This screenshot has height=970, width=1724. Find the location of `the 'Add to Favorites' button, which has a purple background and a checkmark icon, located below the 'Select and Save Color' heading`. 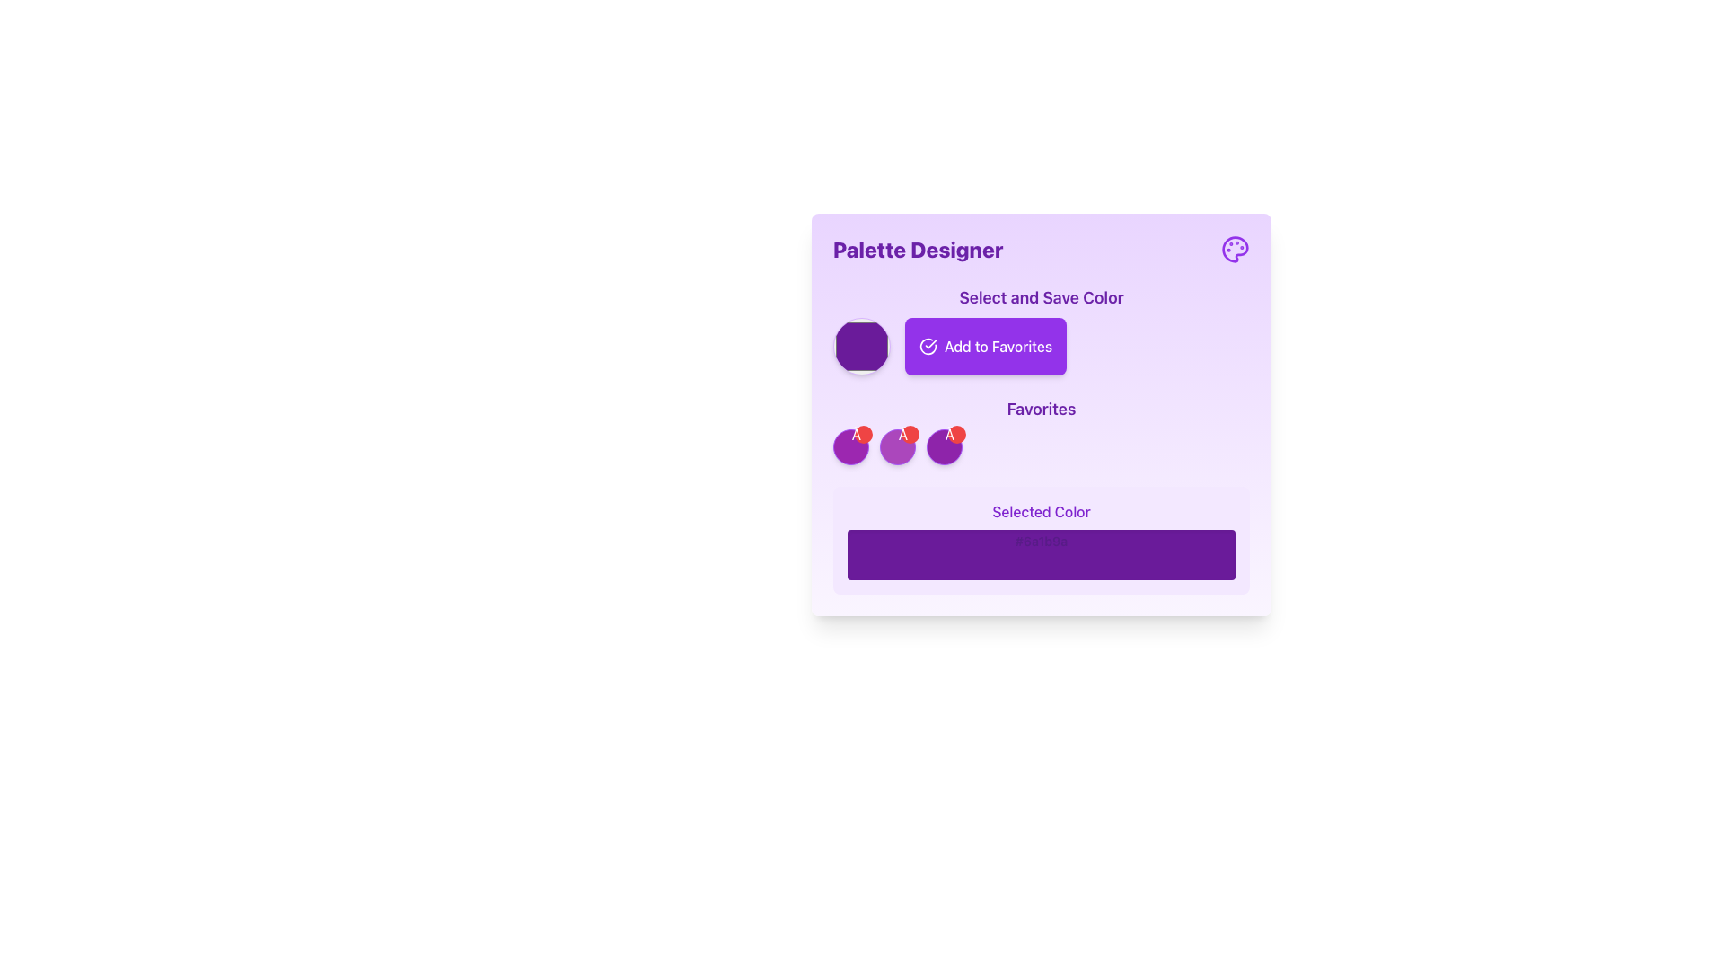

the 'Add to Favorites' button, which has a purple background and a checkmark icon, located below the 'Select and Save Color' heading is located at coordinates (1042, 346).